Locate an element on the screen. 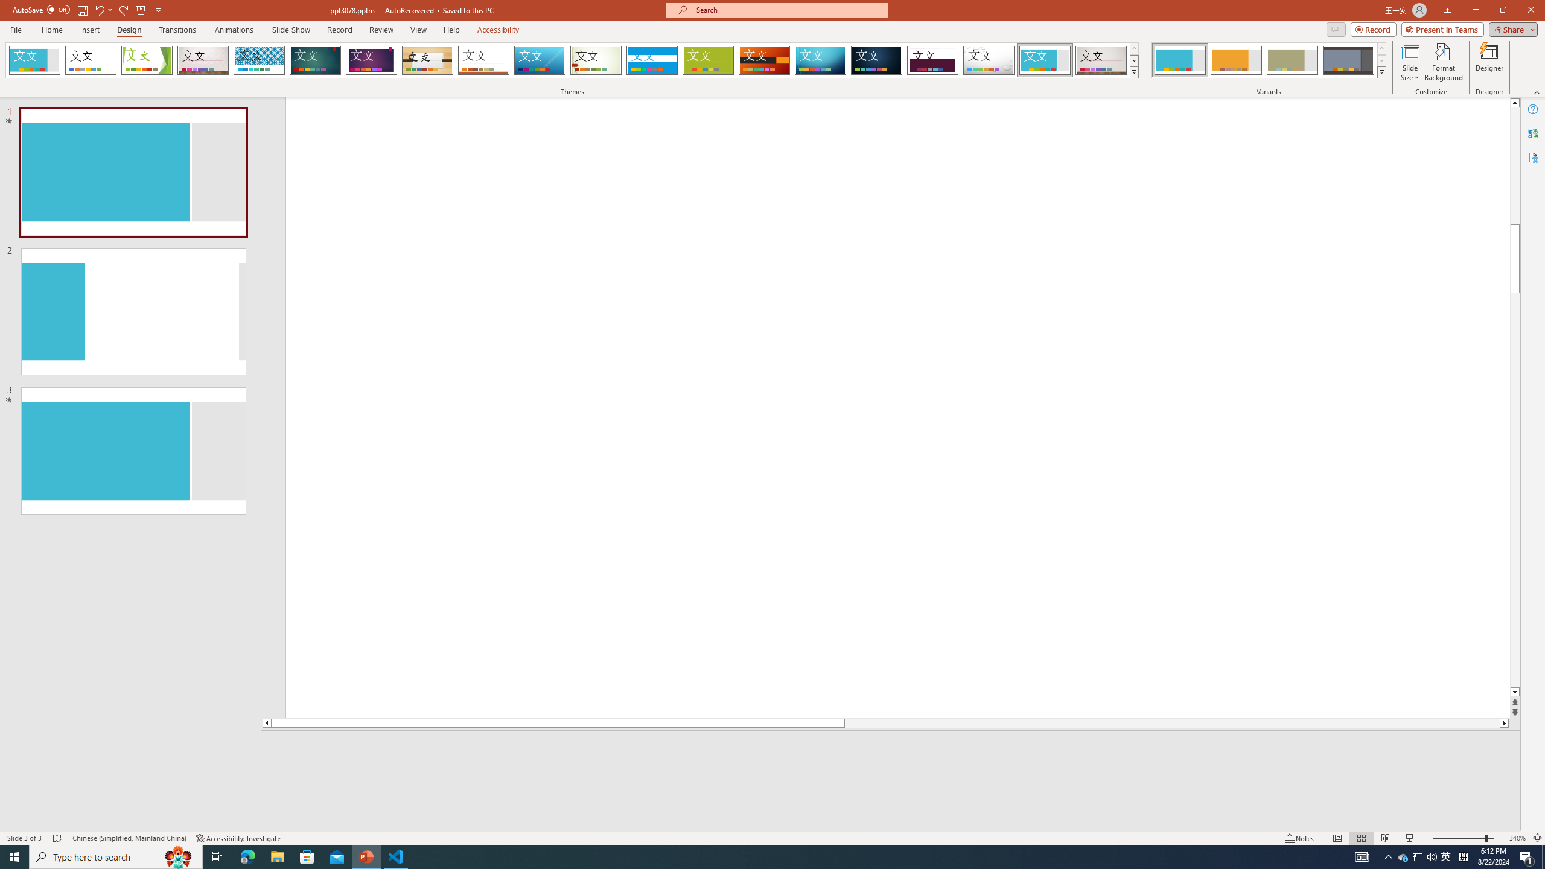 This screenshot has height=869, width=1545. 'AutomationID: ThemeVariantsGallery' is located at coordinates (1269, 60).